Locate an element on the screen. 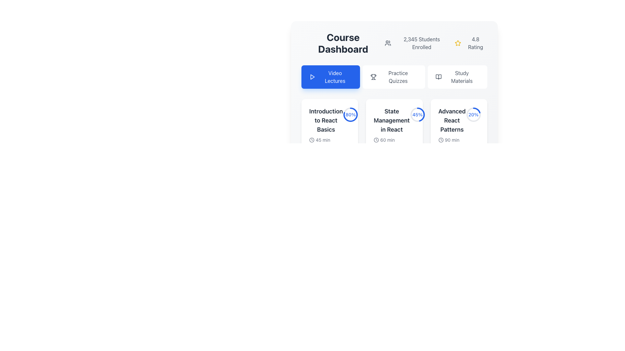  the progress percentage of the Information Card that provides details about the course 'State Management in React', which is the second card in a group of four cards located in the lower section of the page is located at coordinates (394, 140).